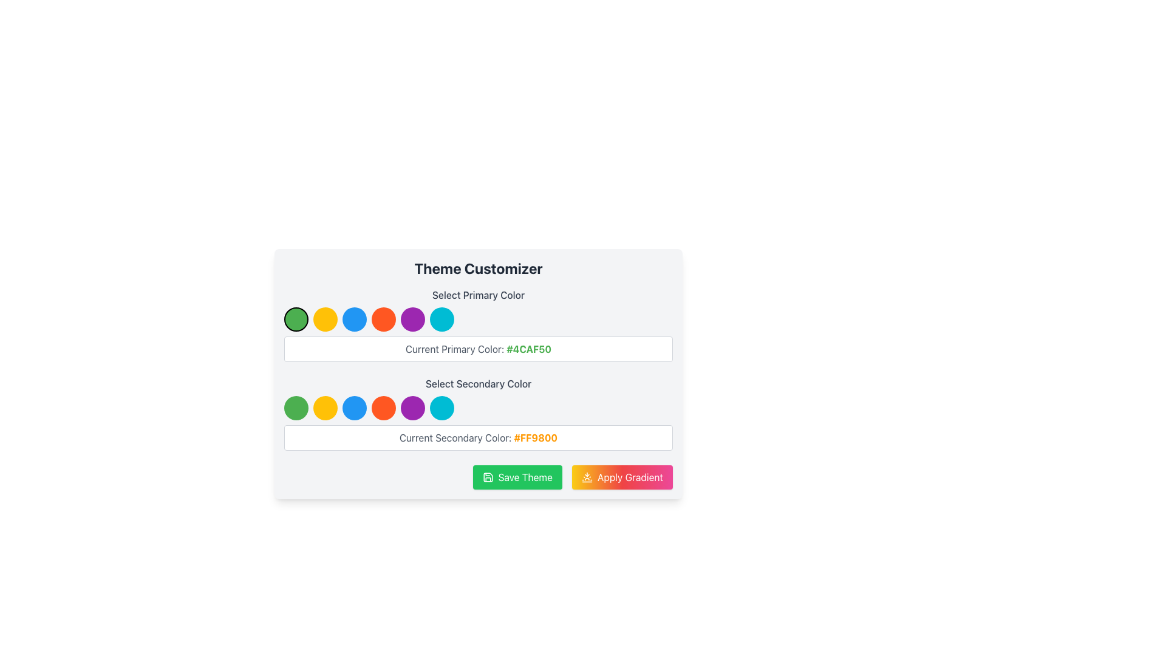 This screenshot has height=656, width=1166. What do you see at coordinates (477, 477) in the screenshot?
I see `the 'Save Theme' button located in the 'Theme Customizer' section, directly below the 'Select Secondary Color' and 'Current Secondary Color: #FF9800' segments` at bounding box center [477, 477].